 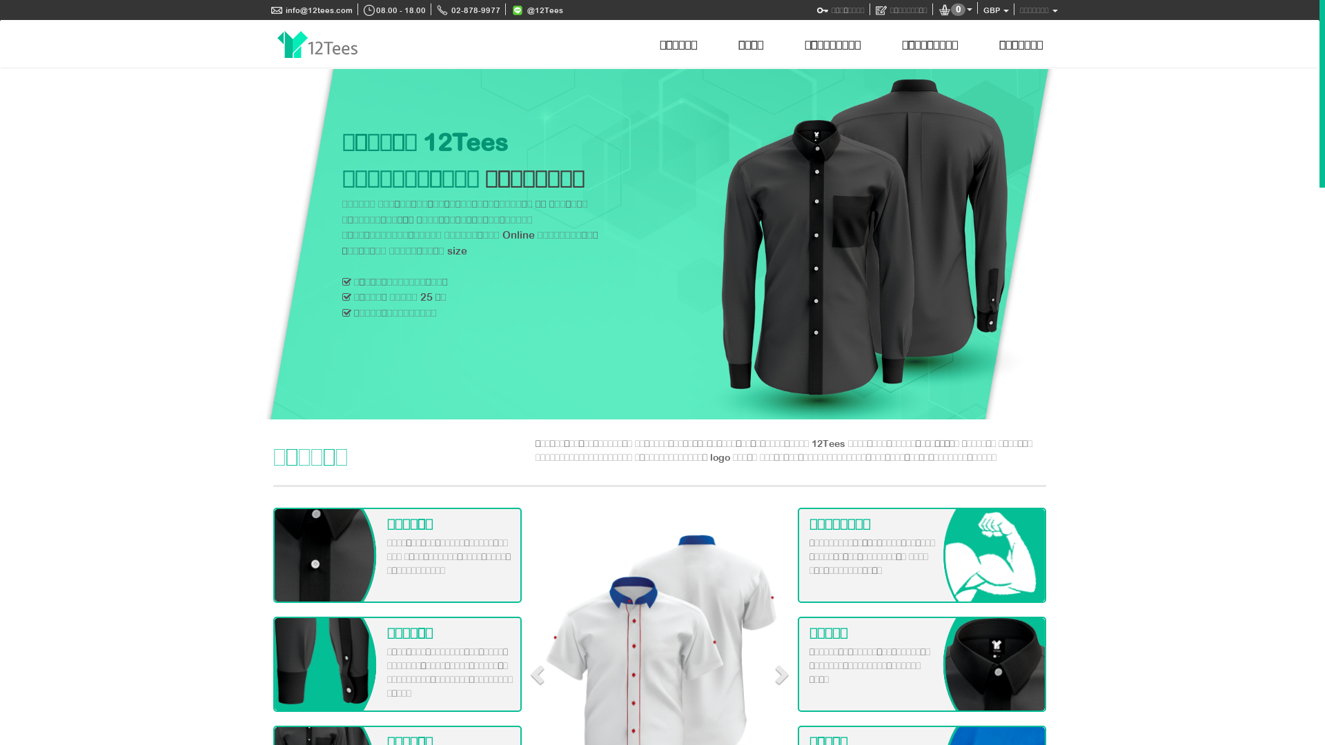 What do you see at coordinates (393, 10) in the screenshot?
I see `'08.00 - 18.00'` at bounding box center [393, 10].